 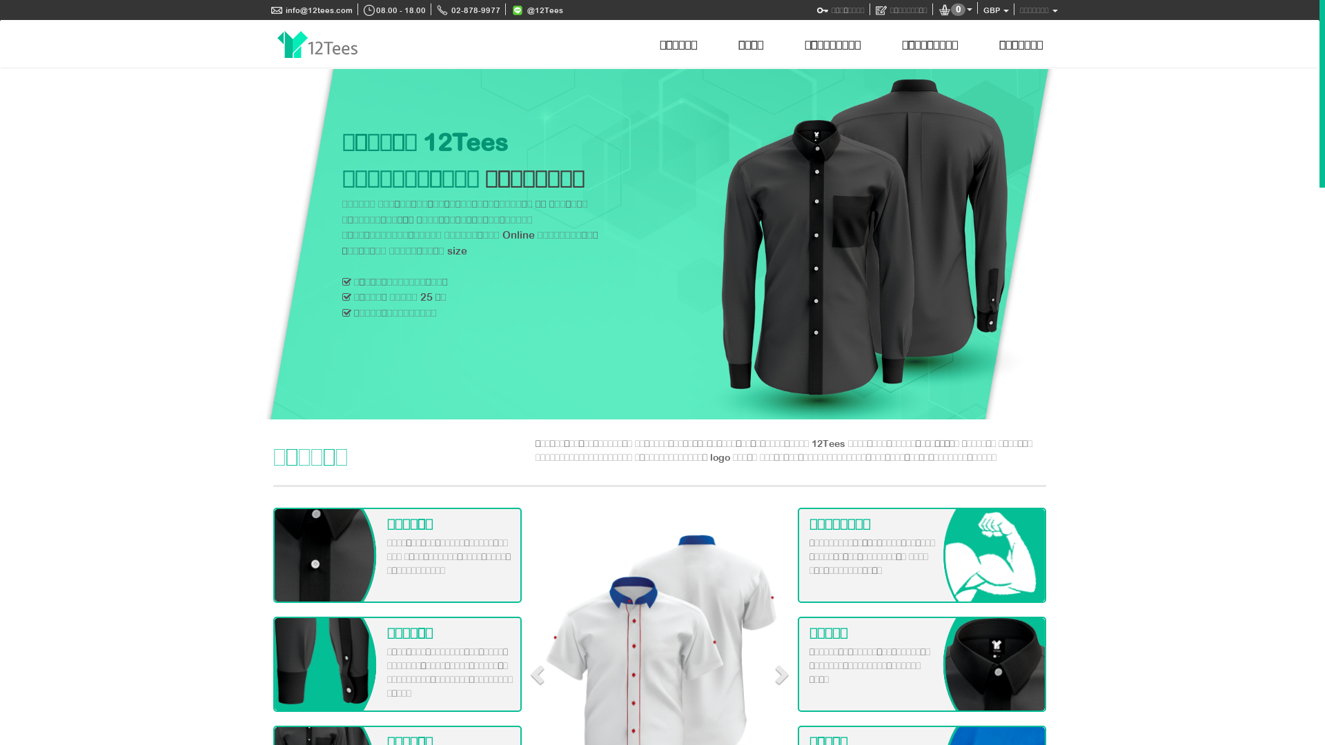 What do you see at coordinates (393, 10) in the screenshot?
I see `'08.00 - 18.00'` at bounding box center [393, 10].